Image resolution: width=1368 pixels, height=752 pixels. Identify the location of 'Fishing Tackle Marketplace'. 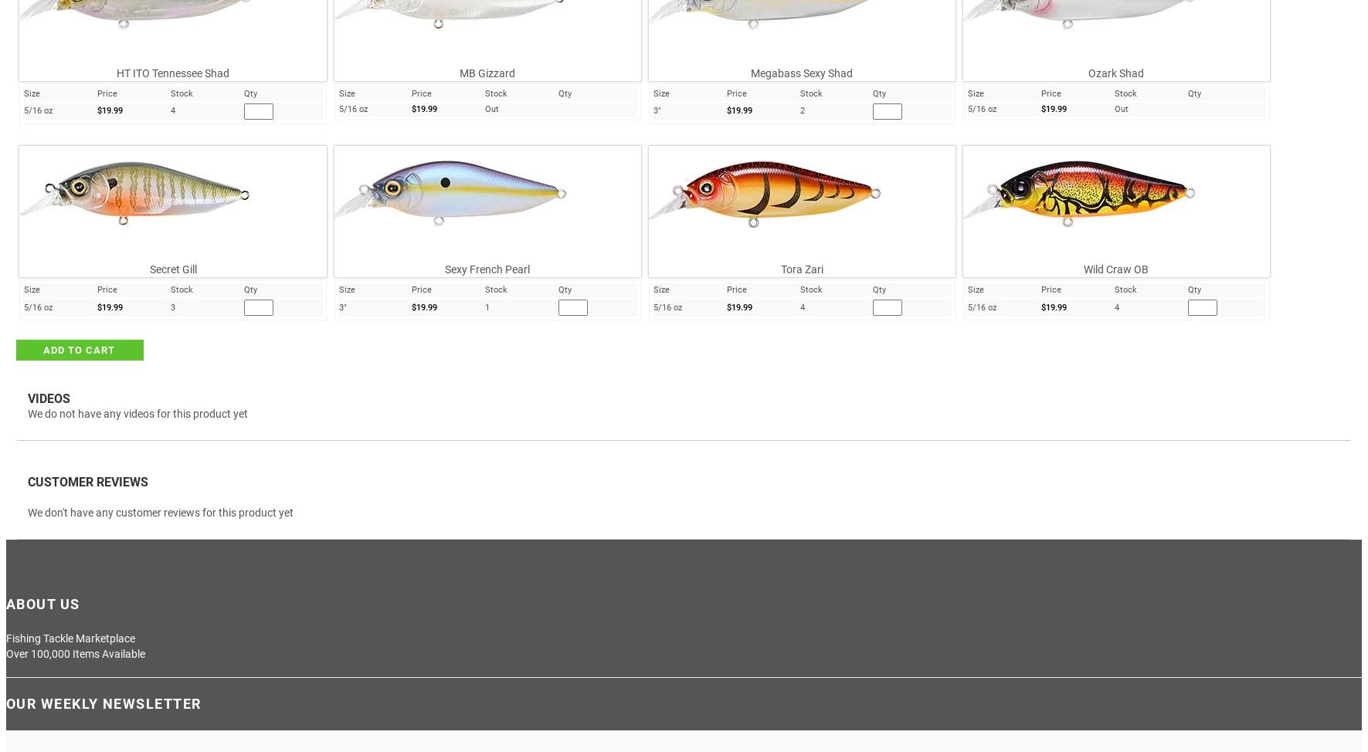
(70, 637).